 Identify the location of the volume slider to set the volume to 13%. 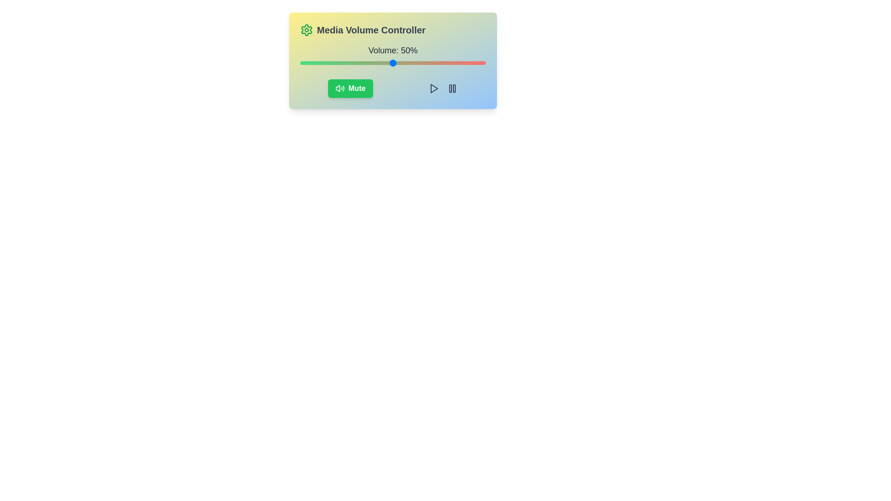
(324, 63).